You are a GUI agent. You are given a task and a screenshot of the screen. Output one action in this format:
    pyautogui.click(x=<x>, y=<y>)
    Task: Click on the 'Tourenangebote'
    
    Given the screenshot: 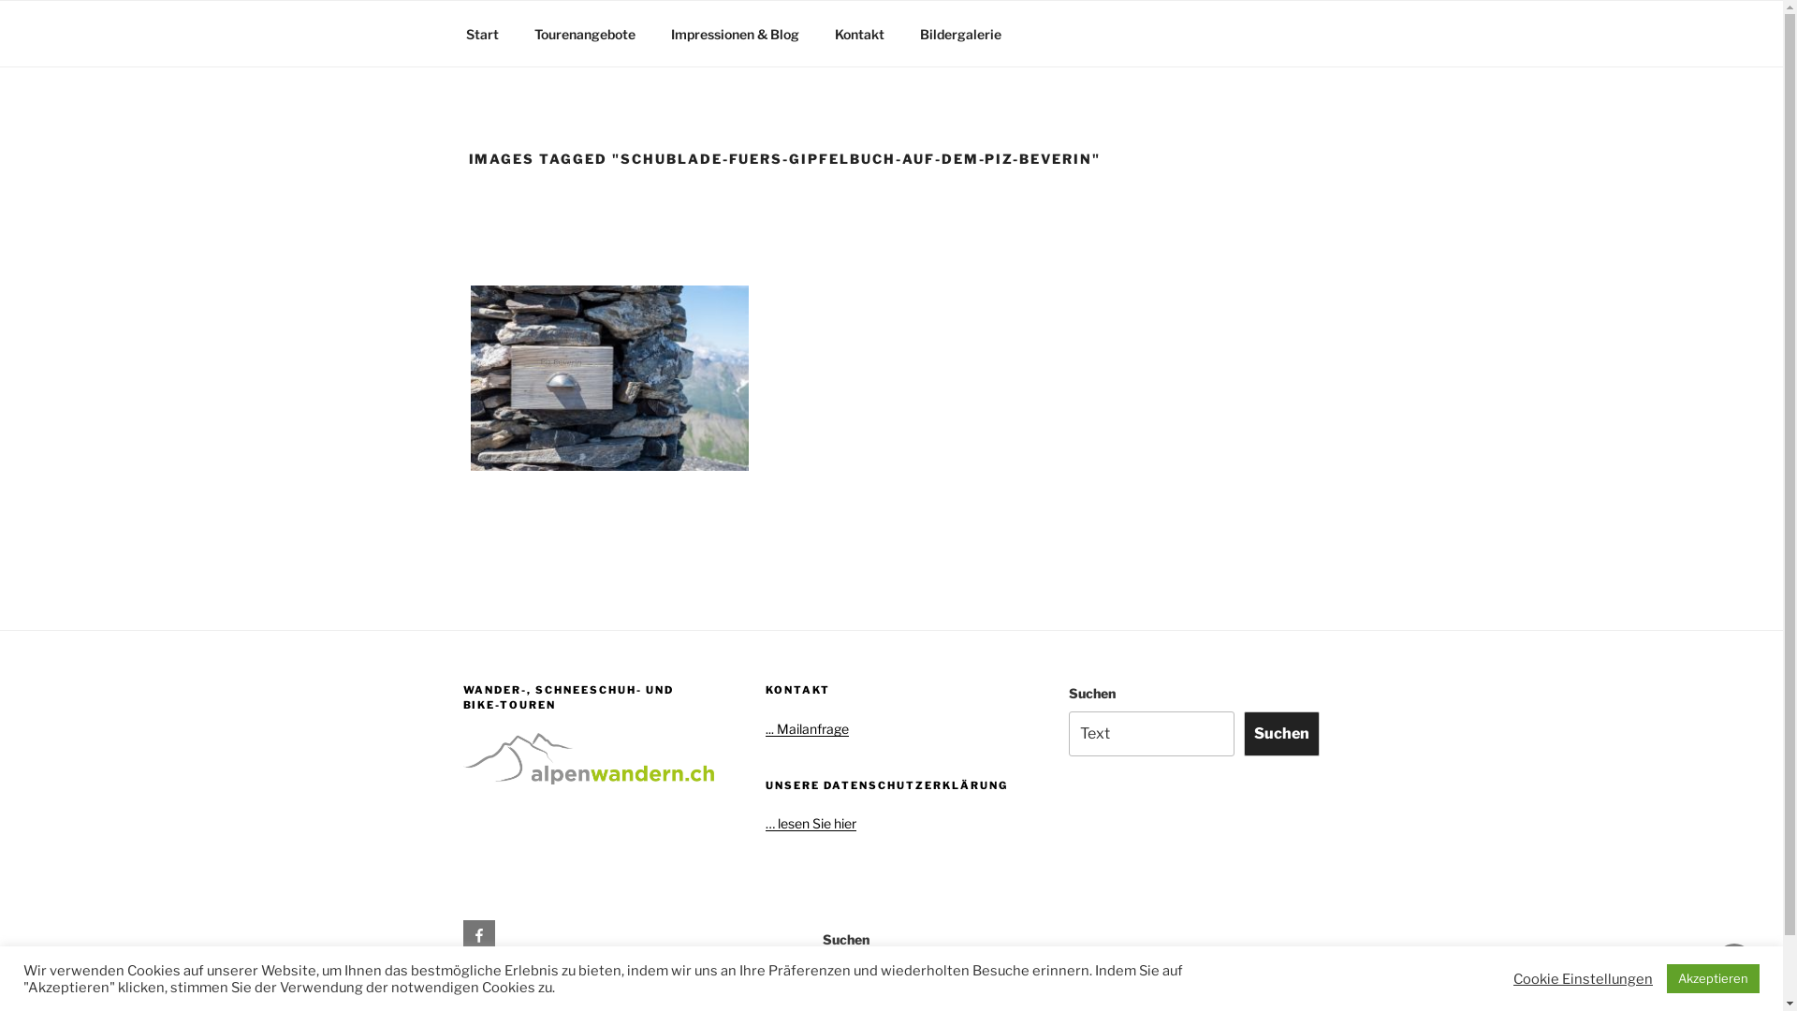 What is the action you would take?
    pyautogui.click(x=518, y=34)
    